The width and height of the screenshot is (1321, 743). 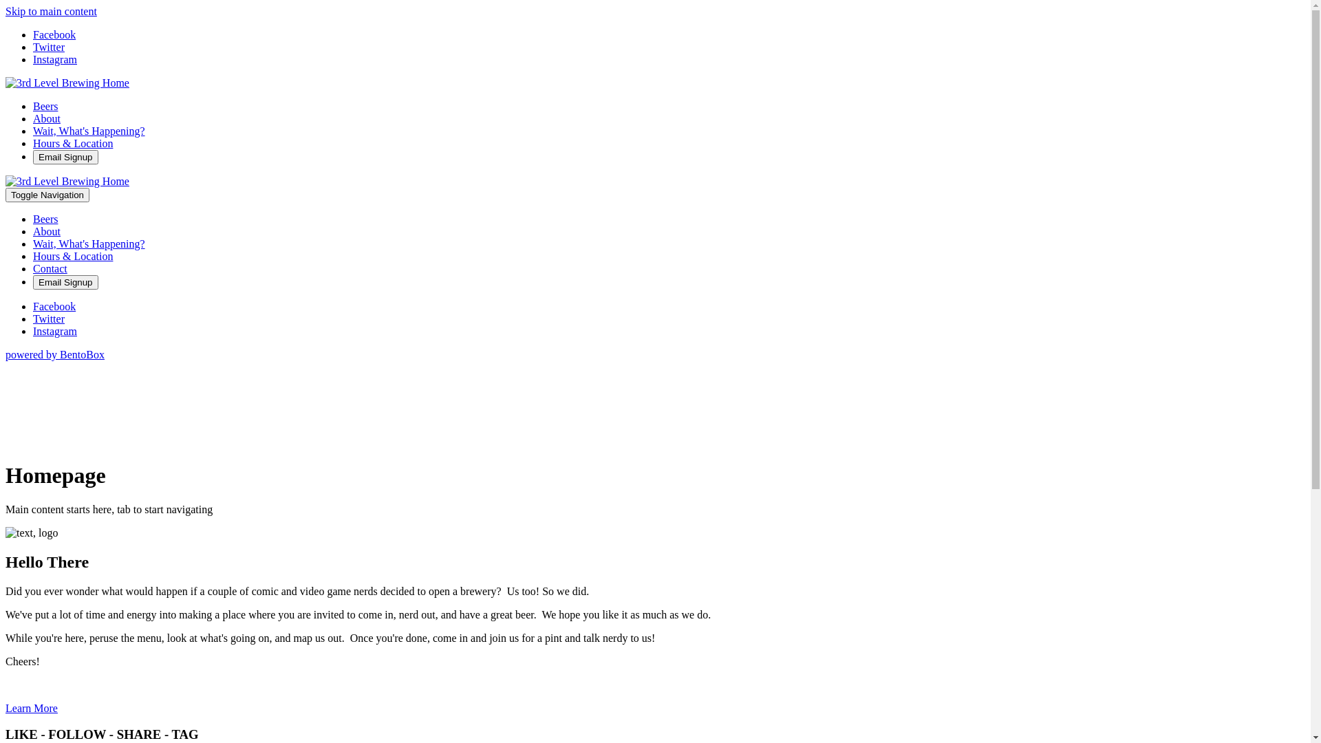 I want to click on 'Hours & Location', so click(x=72, y=256).